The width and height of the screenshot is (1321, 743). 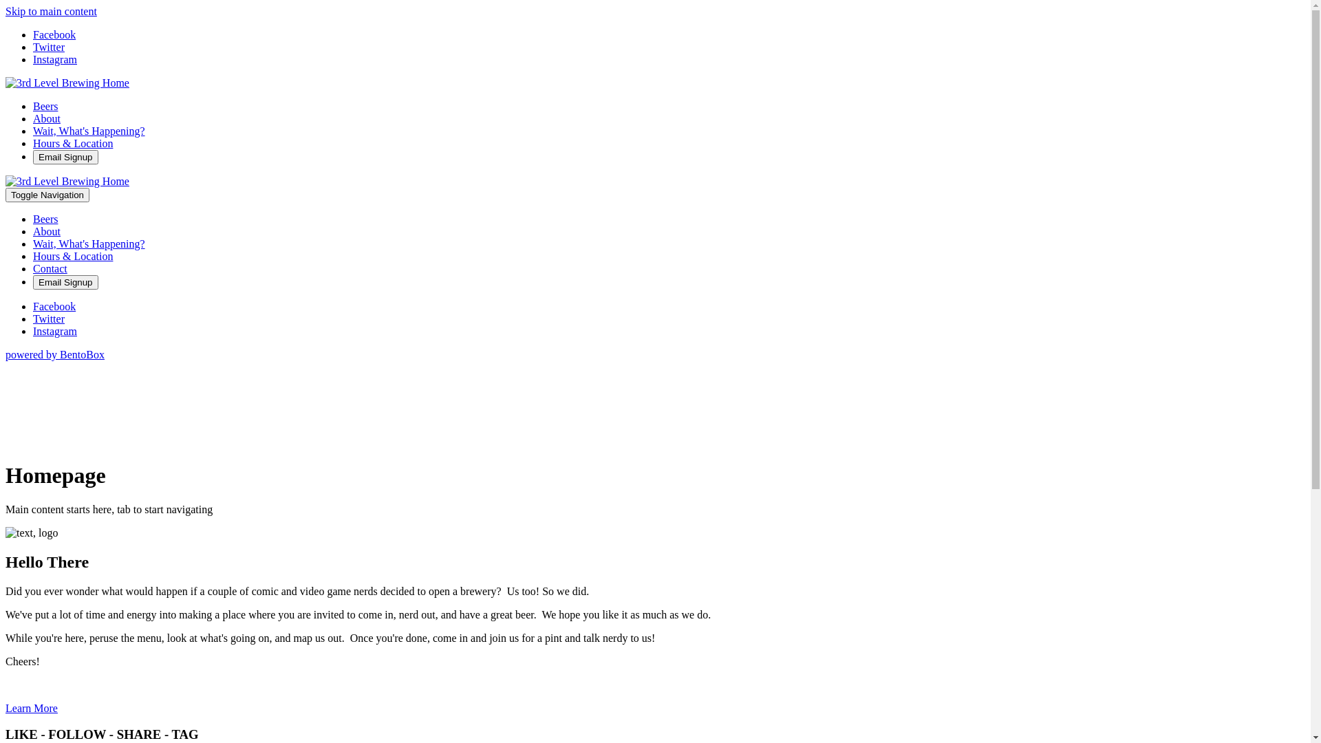 I want to click on 'Hours & Location', so click(x=72, y=256).